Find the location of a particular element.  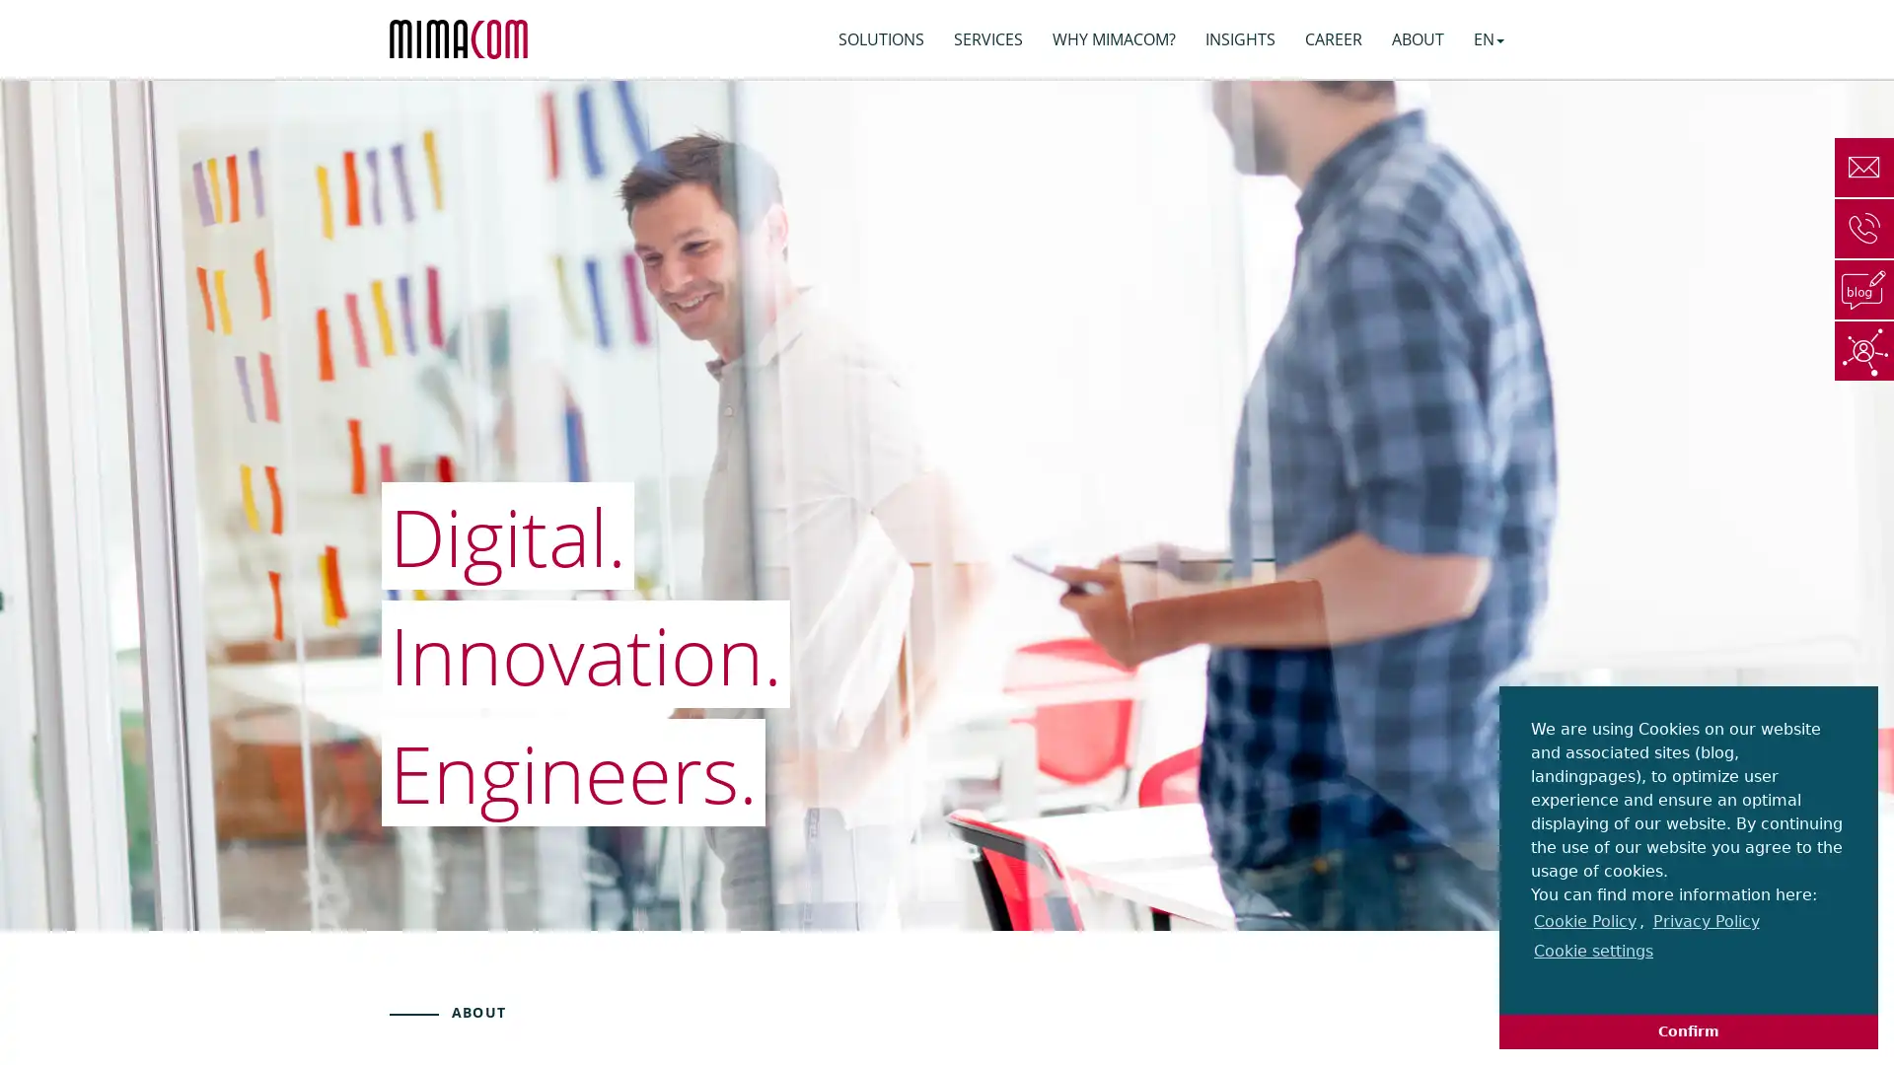

learn more about cookies is located at coordinates (1704, 921).